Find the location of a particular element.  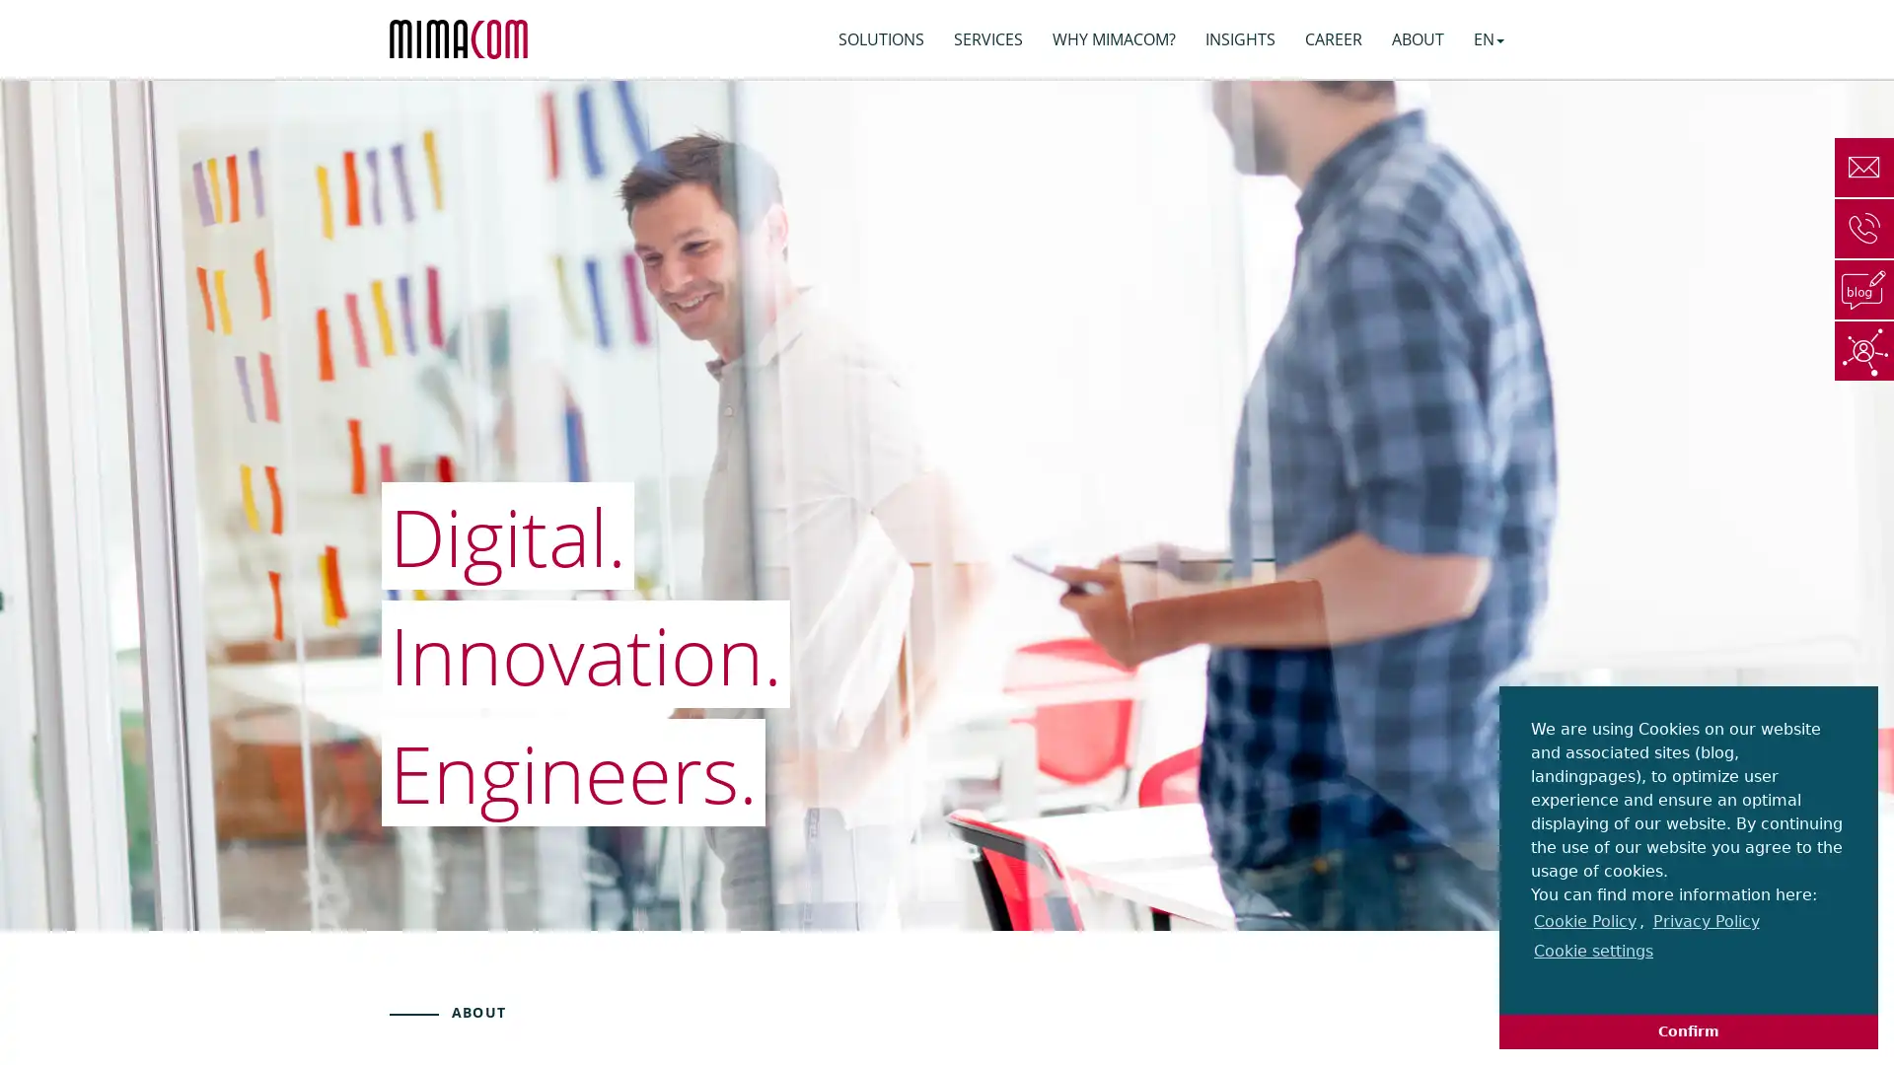

learn more about cookies is located at coordinates (1704, 921).